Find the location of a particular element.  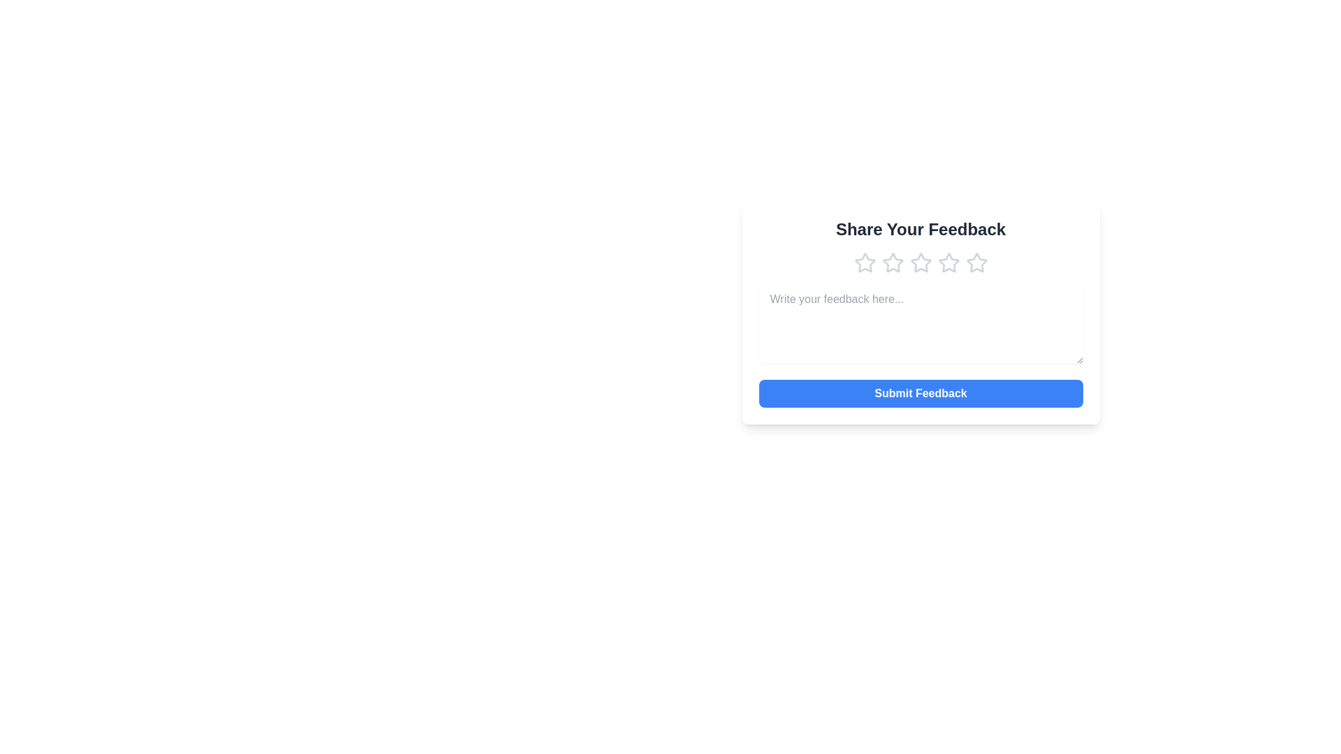

the fourth star-shaped button is located at coordinates (948, 263).